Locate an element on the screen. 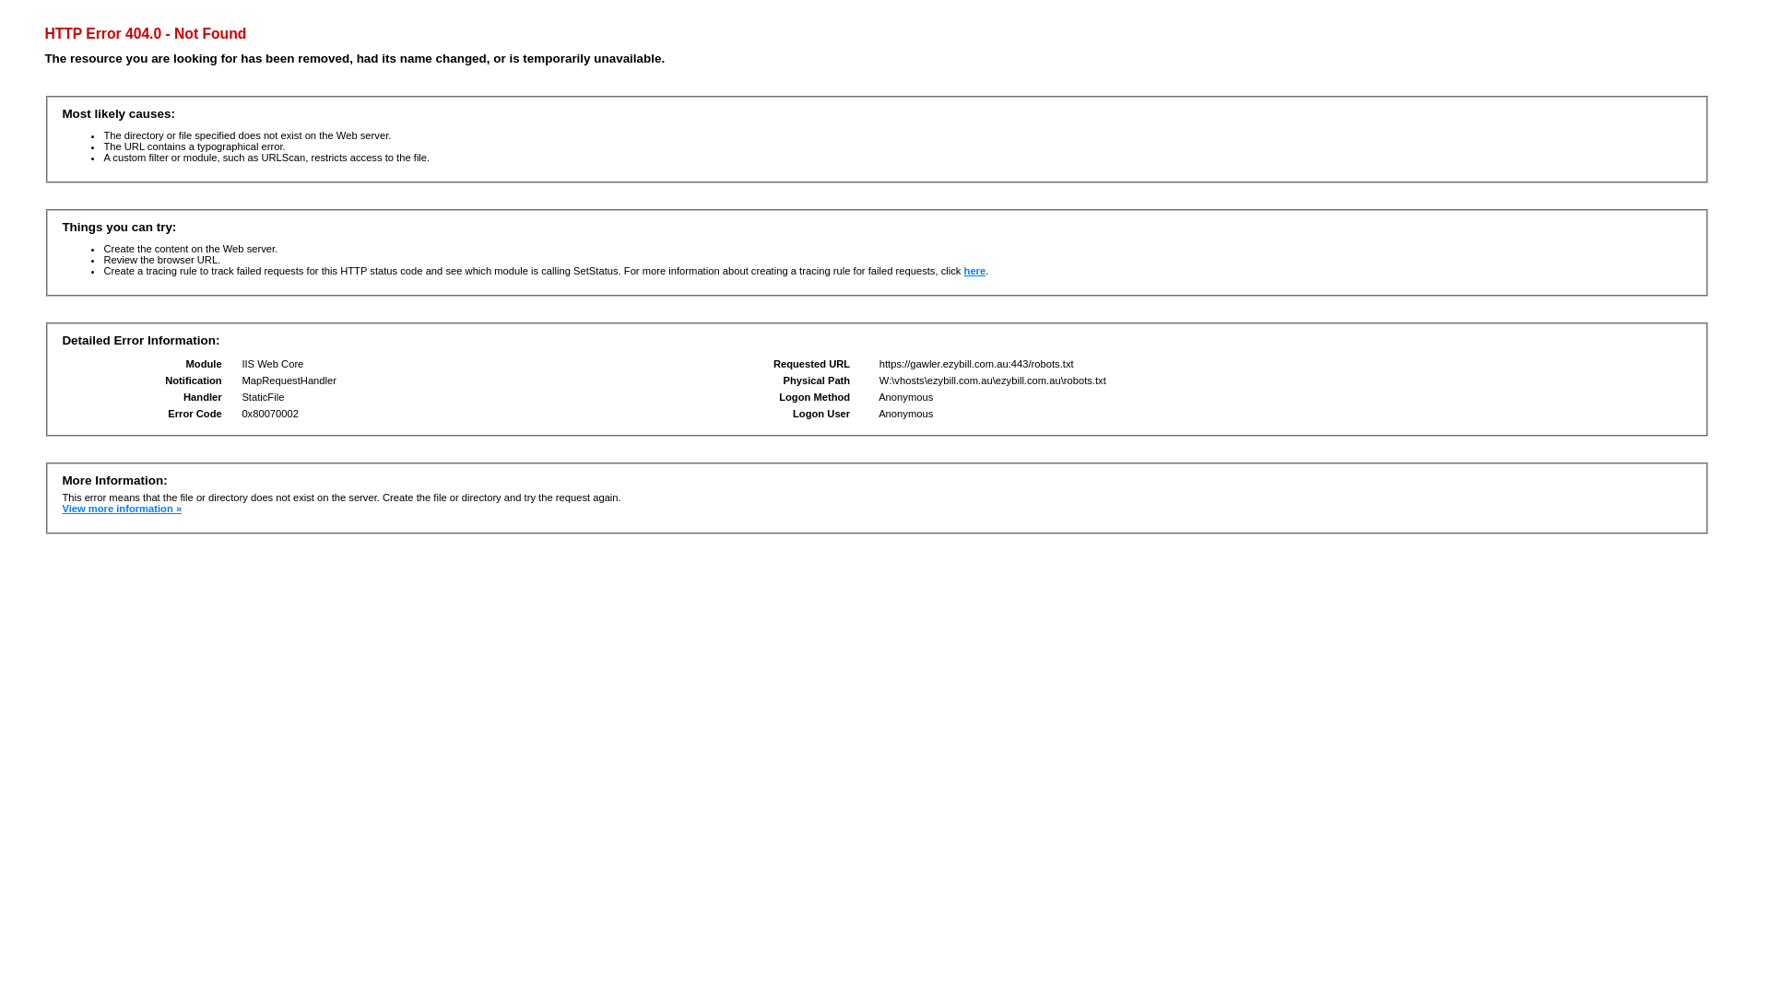 This screenshot has height=995, width=1770. 'here' is located at coordinates (973, 270).